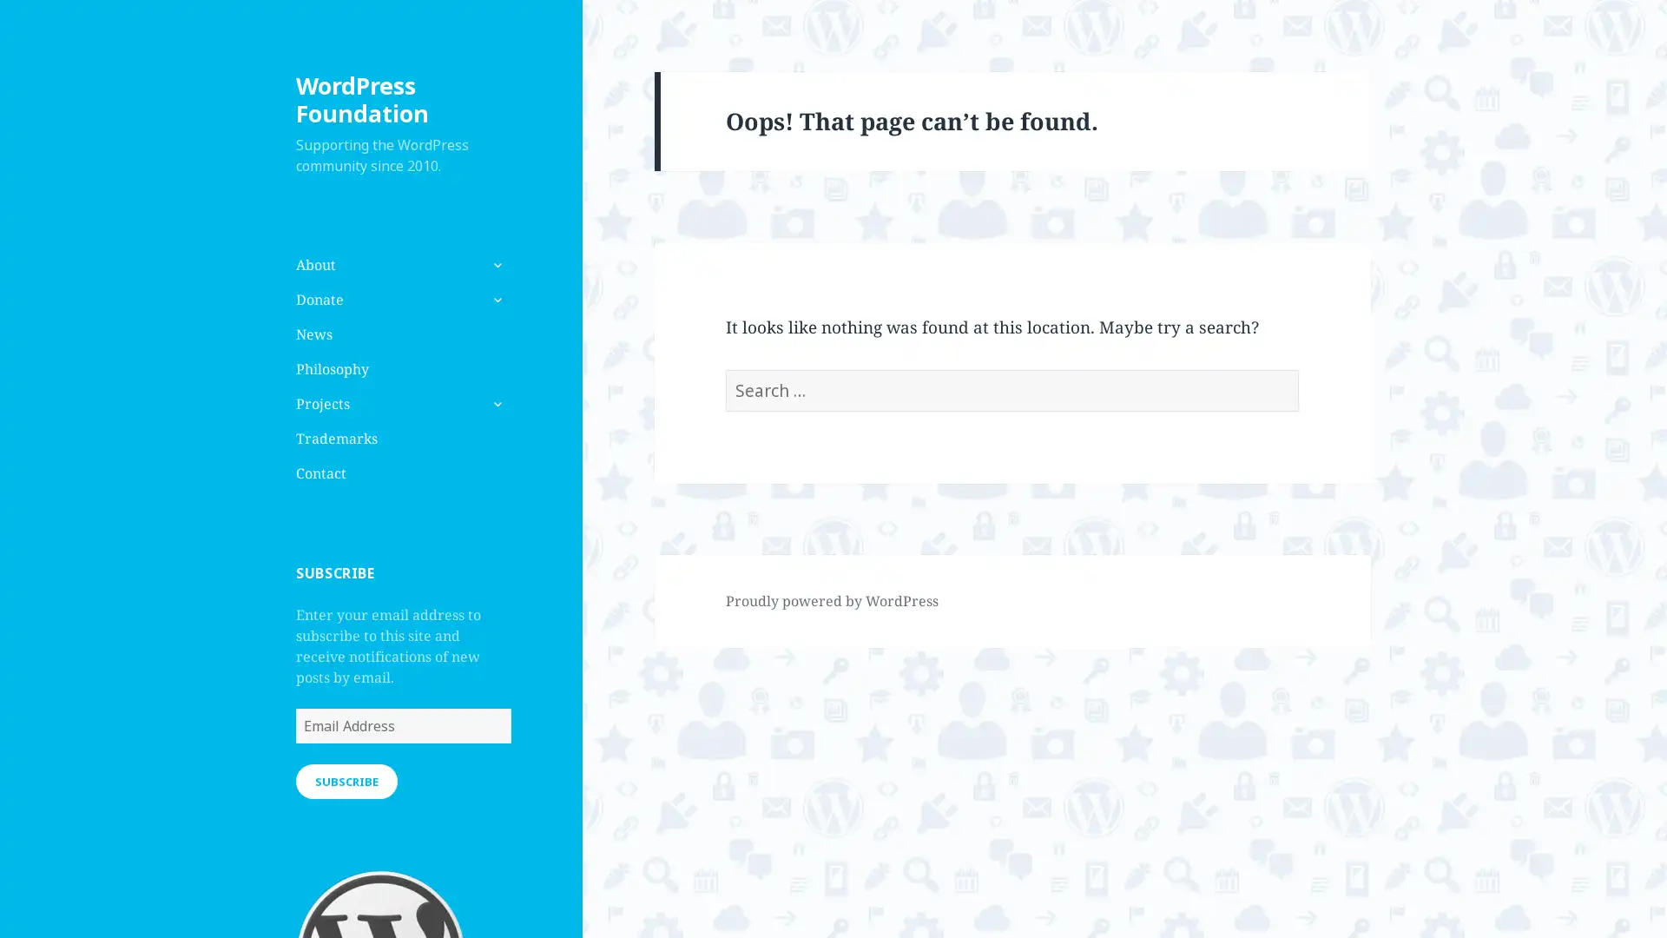 The image size is (1667, 938). What do you see at coordinates (495, 404) in the screenshot?
I see `expand child menu` at bounding box center [495, 404].